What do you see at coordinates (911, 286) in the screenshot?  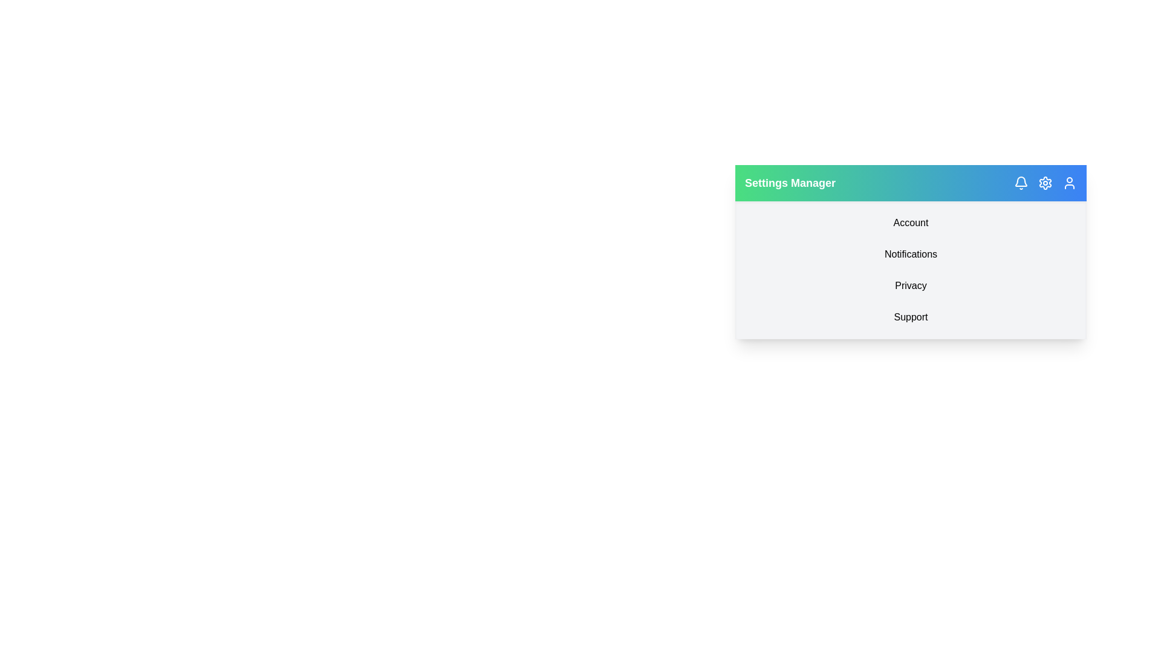 I see `the 'Privacy' menu item in the EnhancedActionBar` at bounding box center [911, 286].